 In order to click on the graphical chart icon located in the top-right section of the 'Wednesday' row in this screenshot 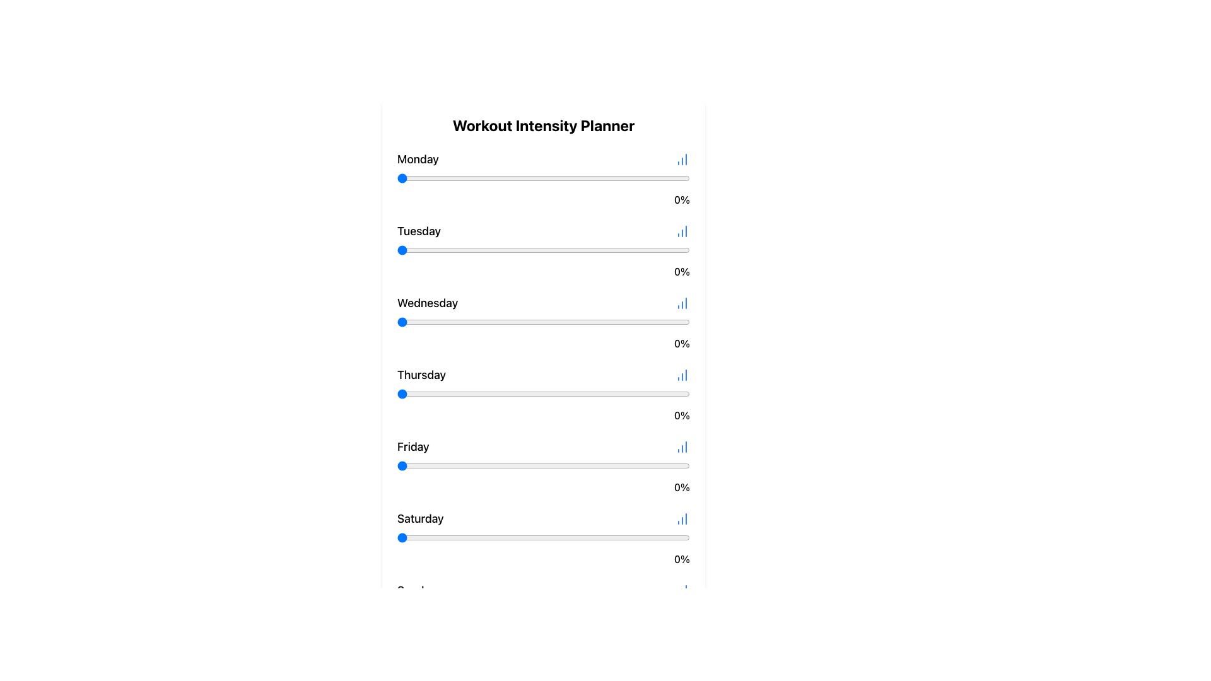, I will do `click(681, 303)`.